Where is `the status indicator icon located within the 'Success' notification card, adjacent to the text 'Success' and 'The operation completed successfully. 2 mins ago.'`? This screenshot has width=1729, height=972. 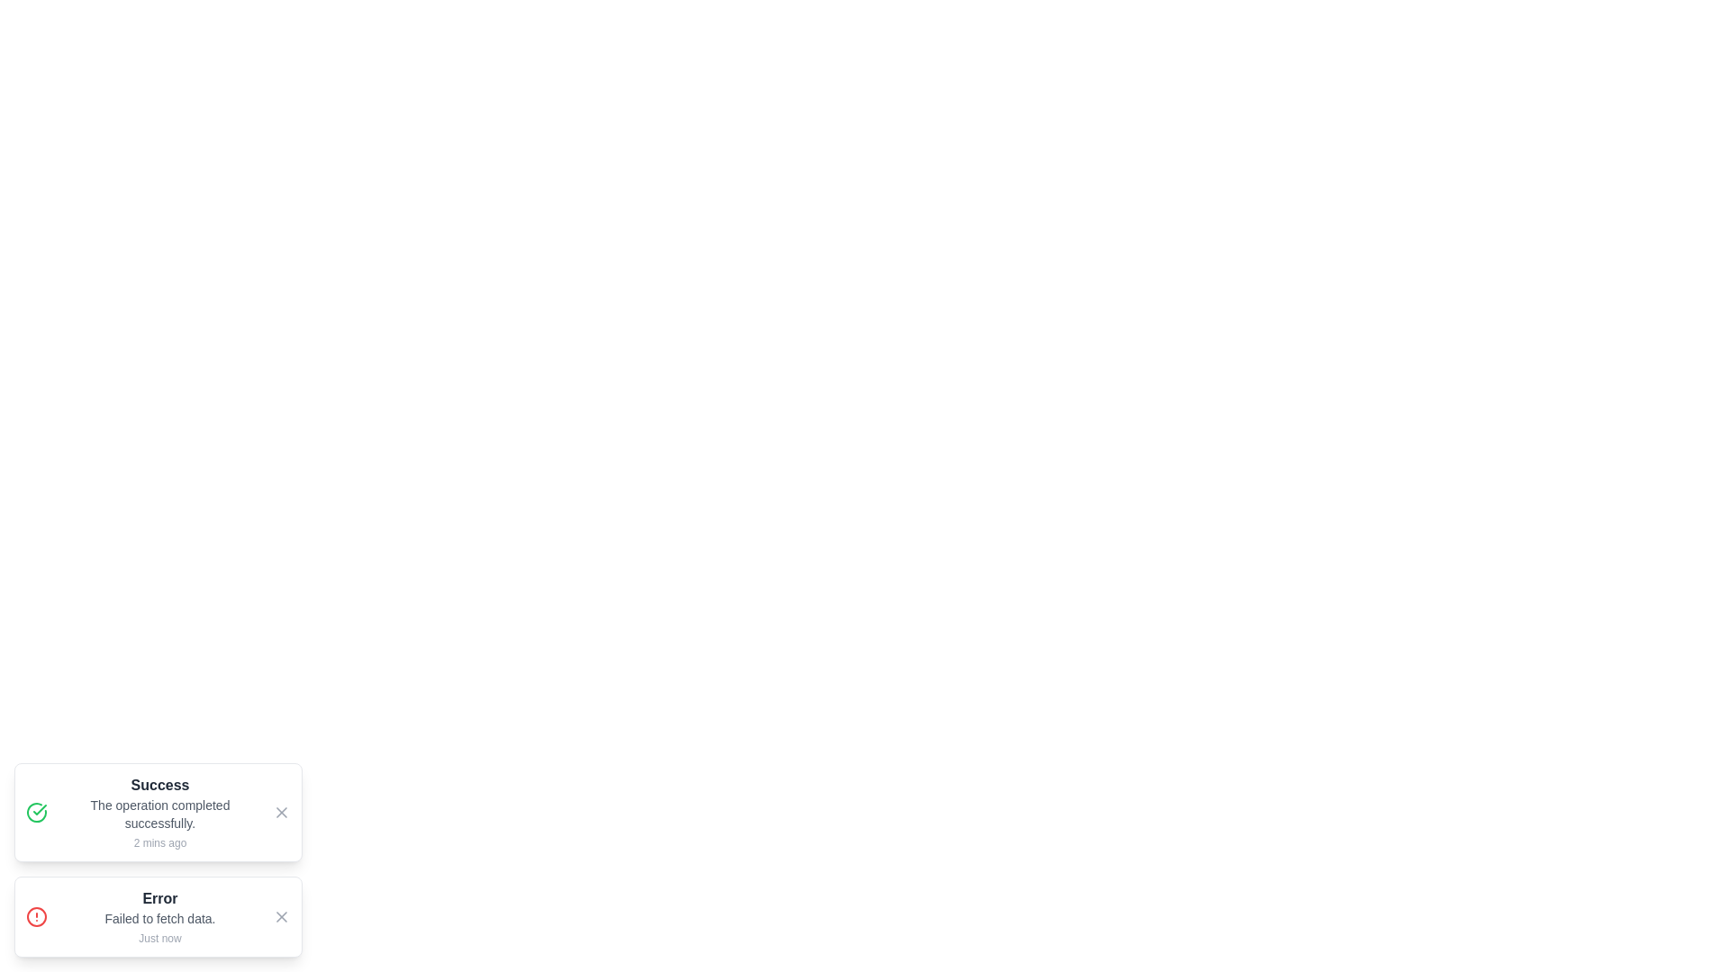
the status indicator icon located within the 'Success' notification card, adjacent to the text 'Success' and 'The operation completed successfully. 2 mins ago.' is located at coordinates (37, 812).